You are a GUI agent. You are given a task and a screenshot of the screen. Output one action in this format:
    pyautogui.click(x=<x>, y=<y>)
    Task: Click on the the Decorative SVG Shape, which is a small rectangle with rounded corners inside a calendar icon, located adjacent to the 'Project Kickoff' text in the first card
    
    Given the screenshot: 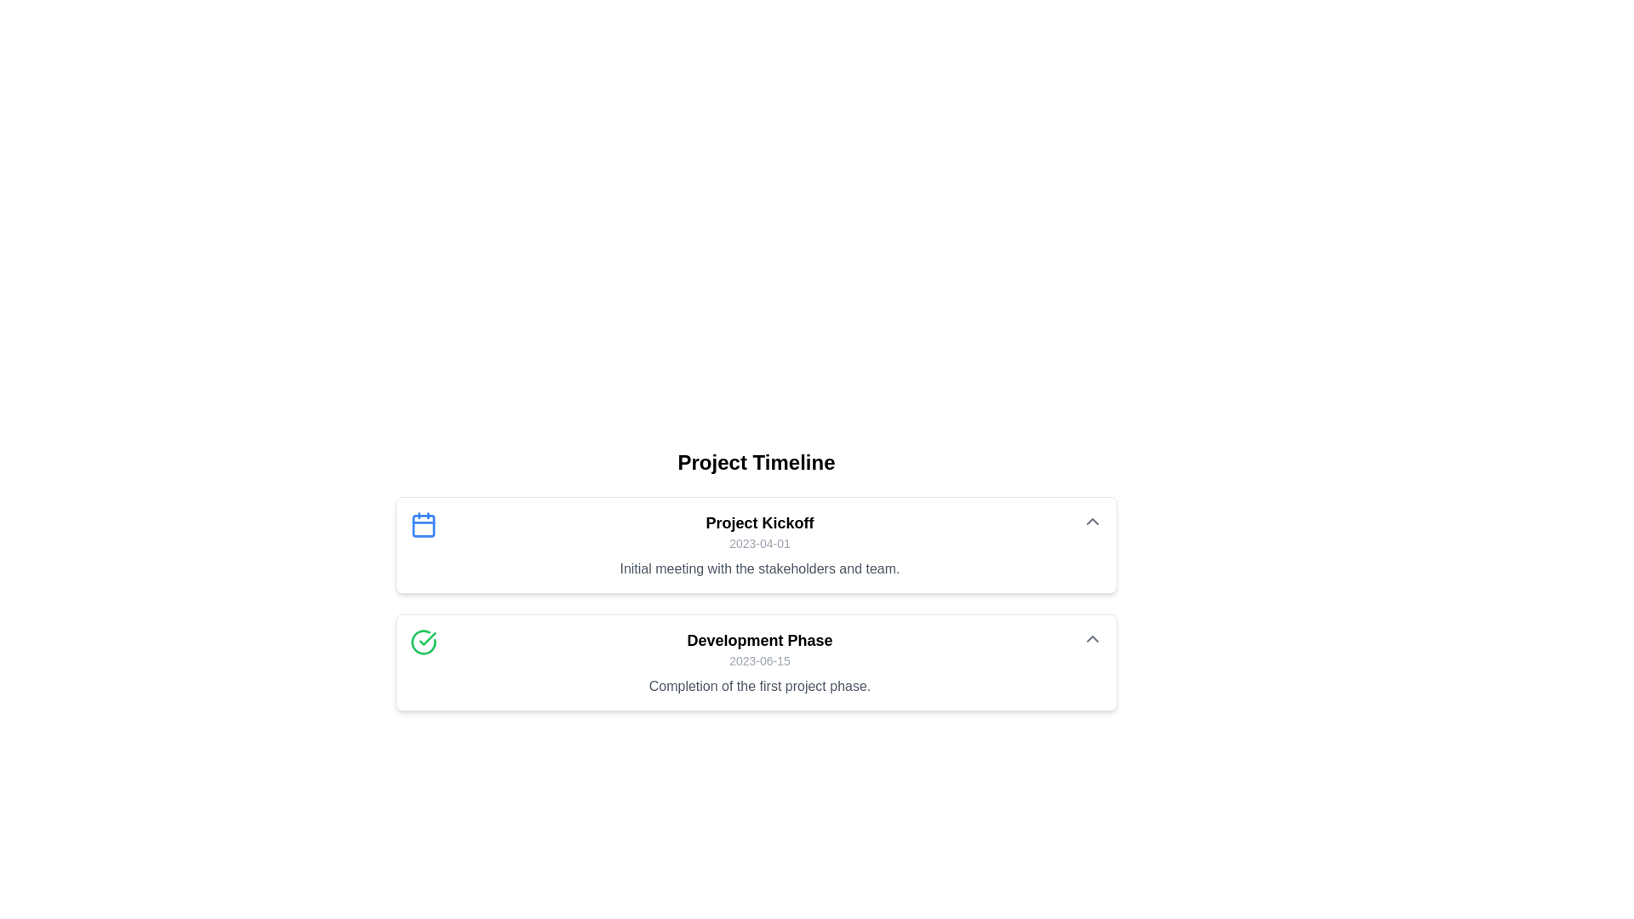 What is the action you would take?
    pyautogui.click(x=424, y=524)
    